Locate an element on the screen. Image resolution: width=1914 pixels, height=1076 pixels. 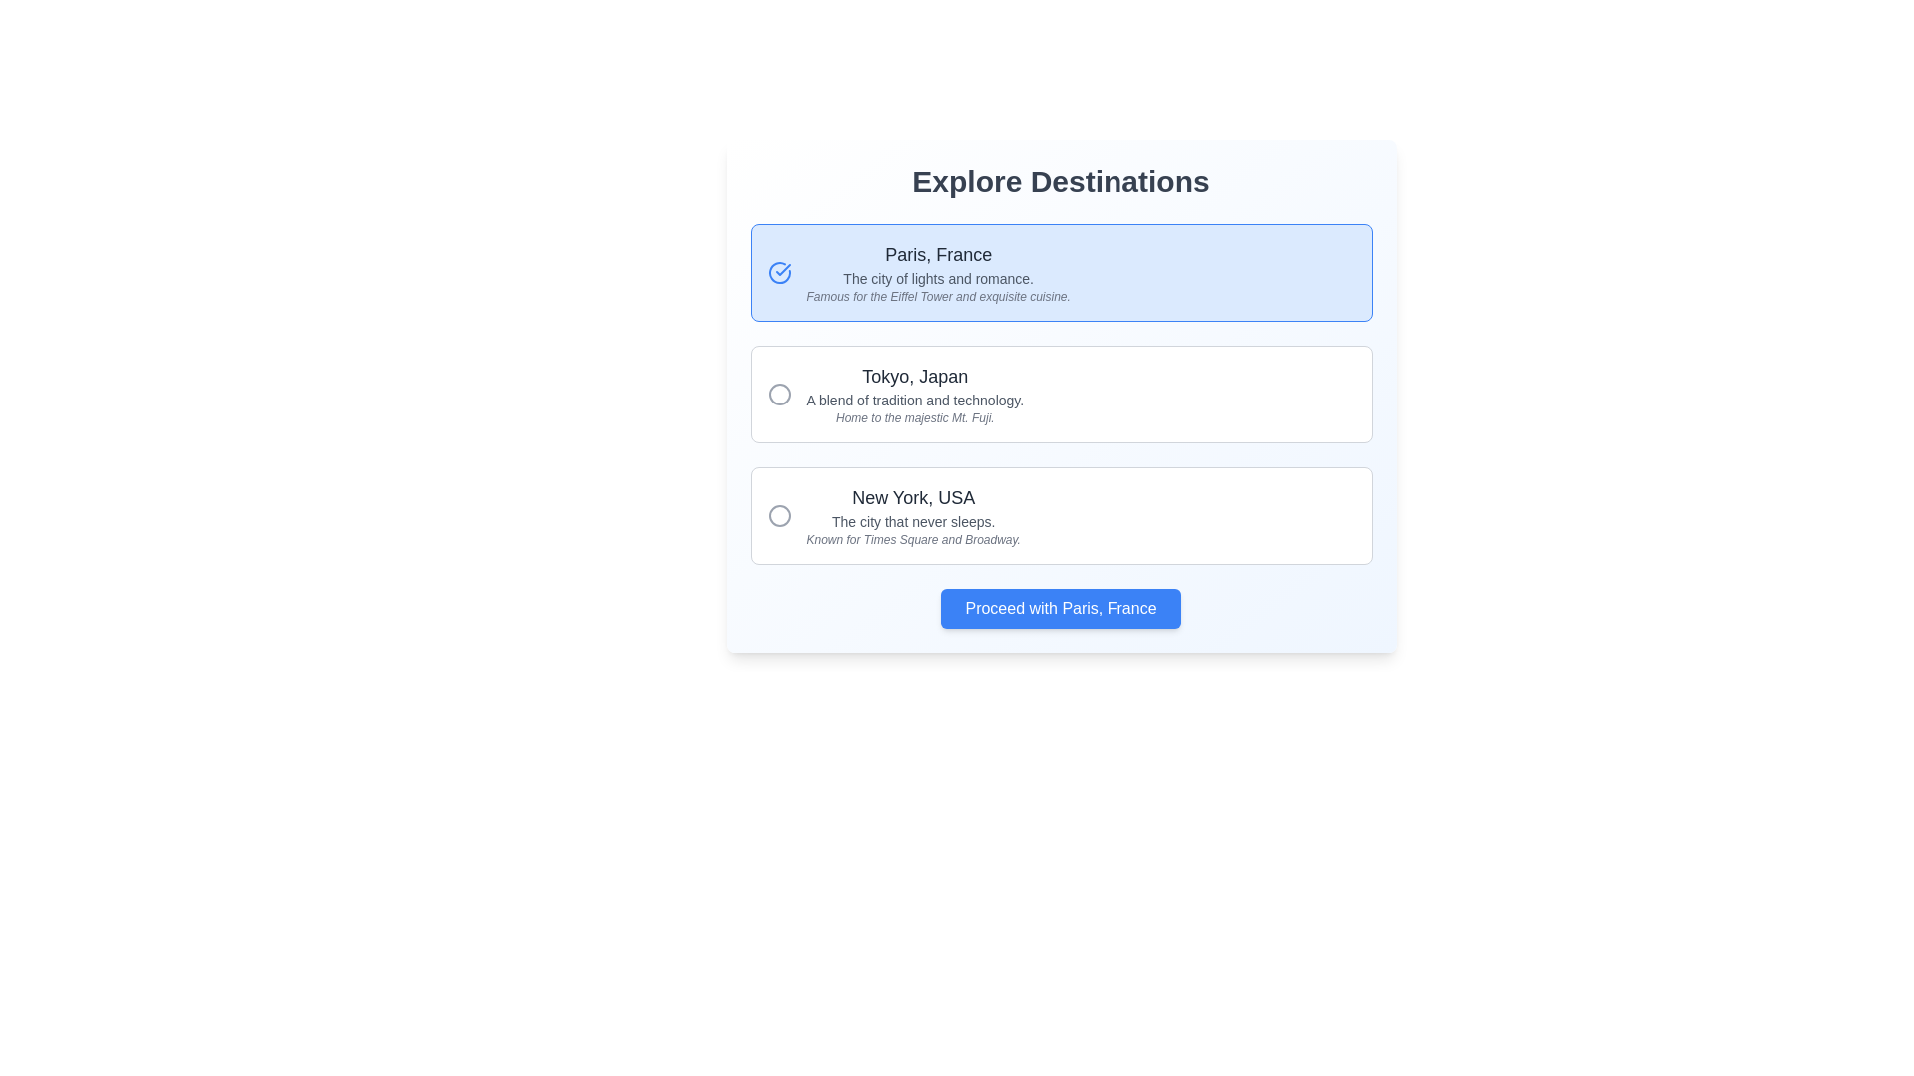
the second card option for 'Tokyo, Japan' in the vertical list of destination cards is located at coordinates (1060, 395).